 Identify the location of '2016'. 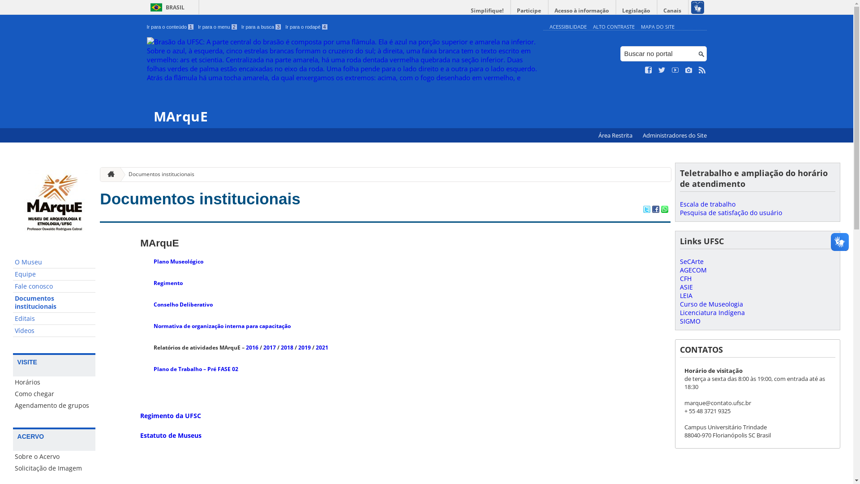
(251, 347).